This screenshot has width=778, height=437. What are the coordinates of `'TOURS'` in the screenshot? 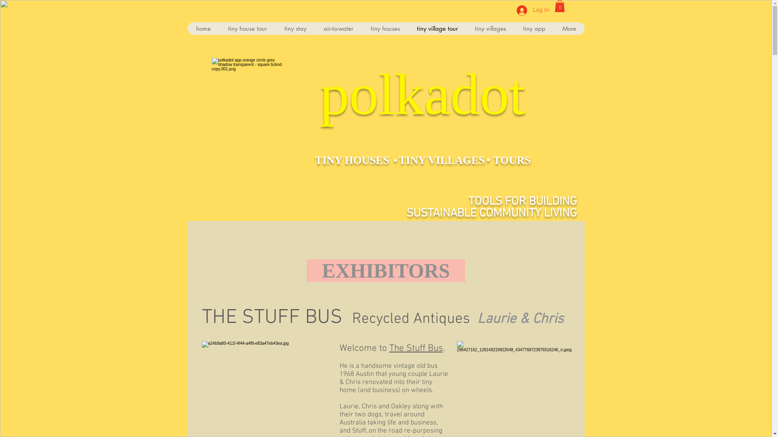 It's located at (493, 160).